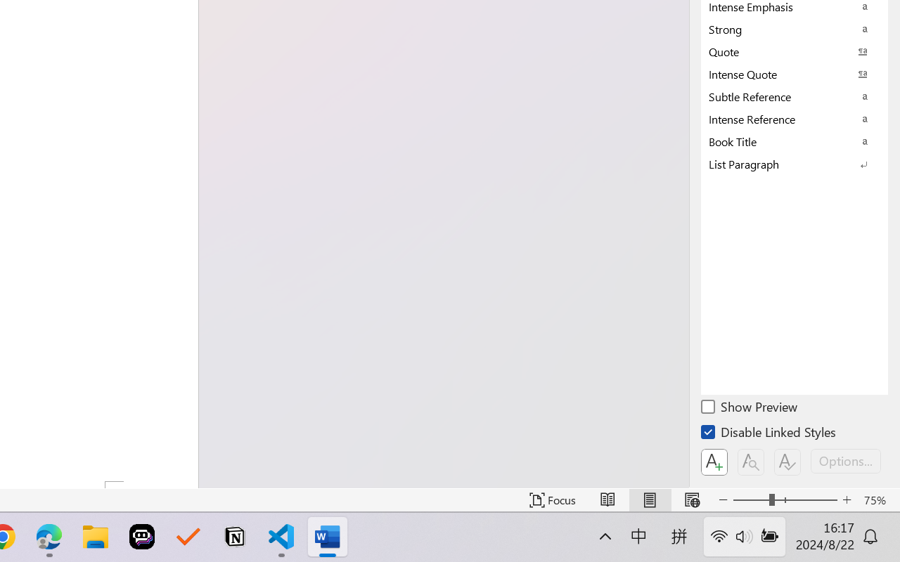  I want to click on 'Subtle Reference', so click(795, 96).